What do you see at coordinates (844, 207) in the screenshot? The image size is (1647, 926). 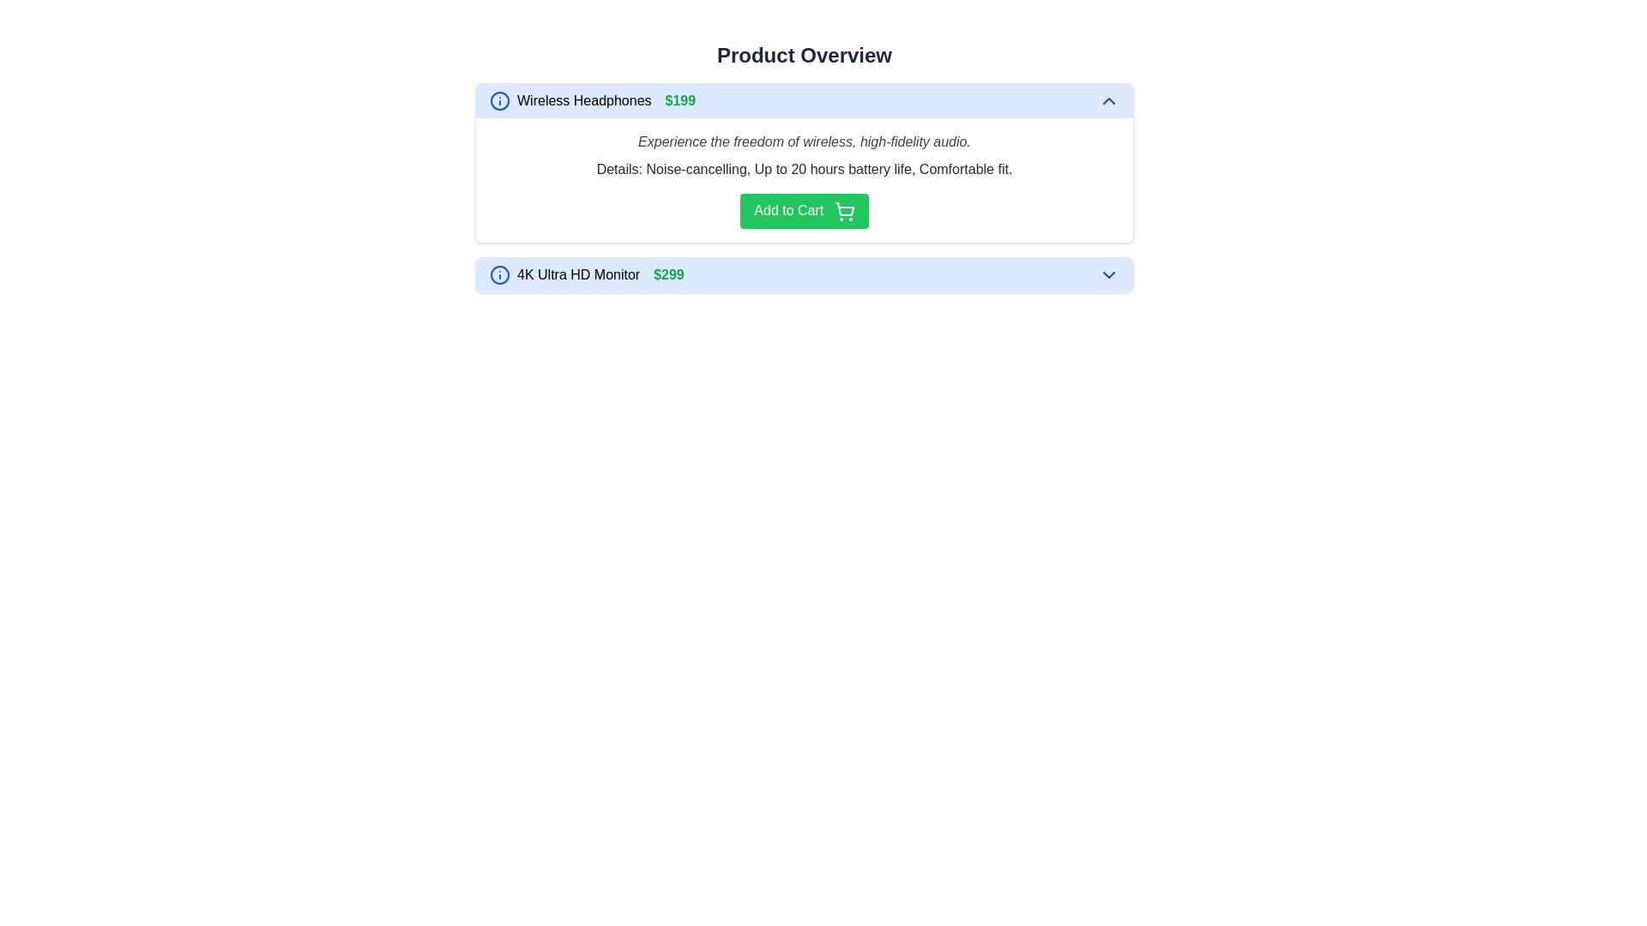 I see `the shopping cart icon, which is visually represented in a green rectangular background adjacent to the 'Add to Cart' button text` at bounding box center [844, 207].